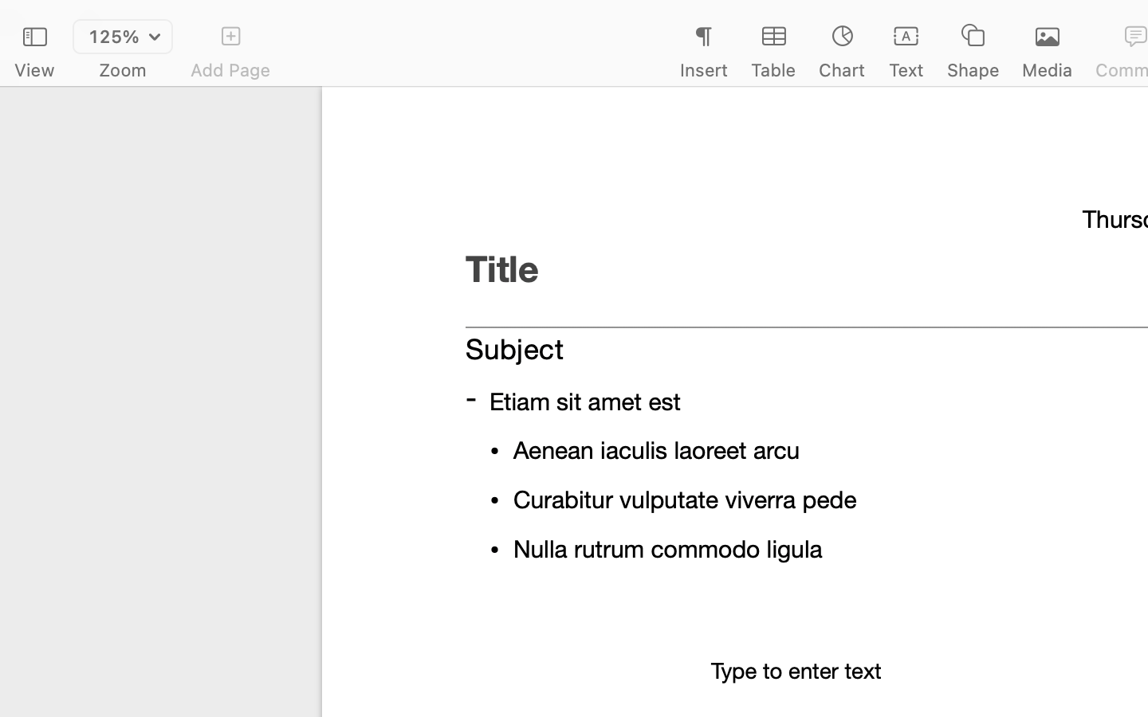  What do you see at coordinates (33, 69) in the screenshot?
I see `'View'` at bounding box center [33, 69].